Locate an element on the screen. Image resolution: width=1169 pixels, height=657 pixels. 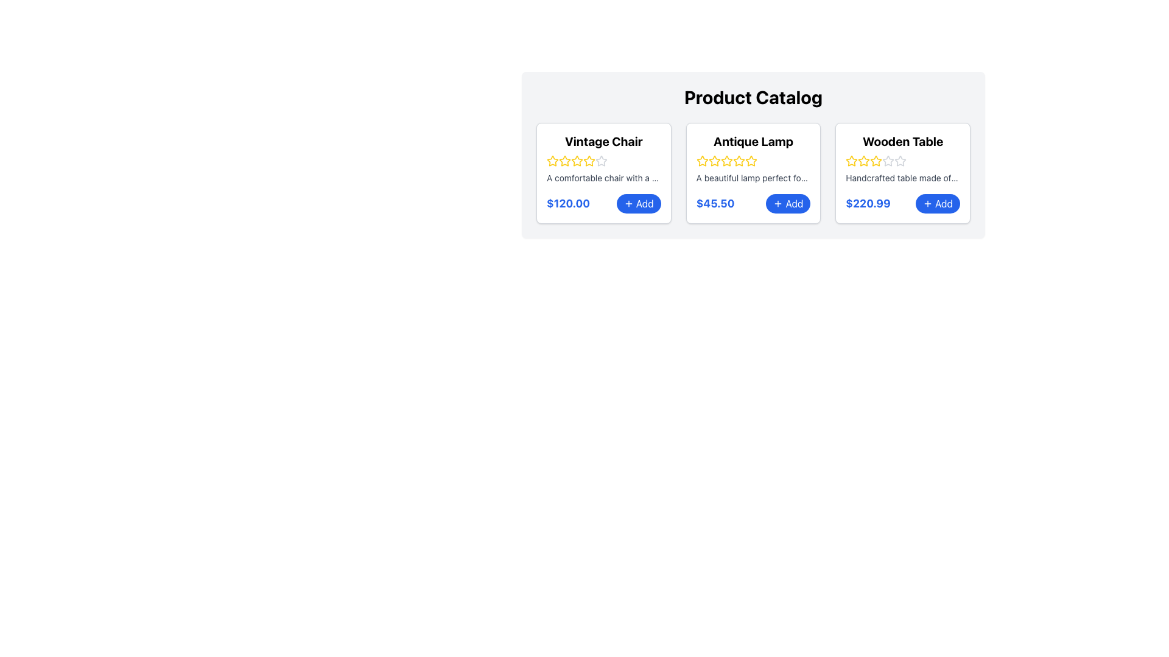
the fourth yellow star icon is located at coordinates (726, 161).